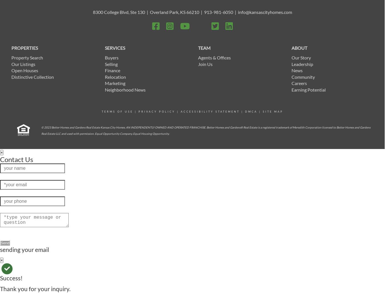 This screenshot has width=389, height=296. What do you see at coordinates (117, 111) in the screenshot?
I see `'Terms Of Use'` at bounding box center [117, 111].